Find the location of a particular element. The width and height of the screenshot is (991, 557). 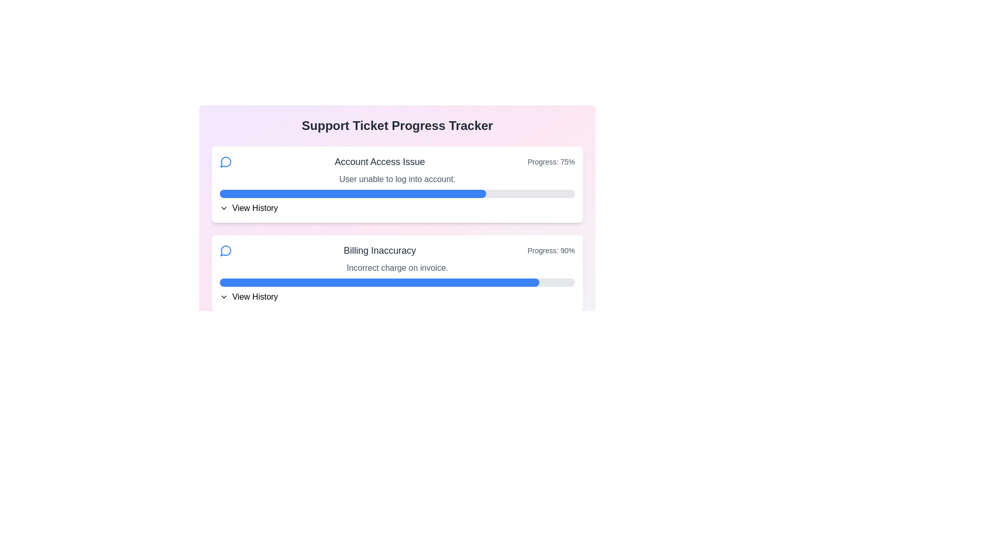

the 'Account Access Issue' text and icon section element, which displays a title on the left, a speech bubble icon, and a progress percentage on the right is located at coordinates (396, 161).